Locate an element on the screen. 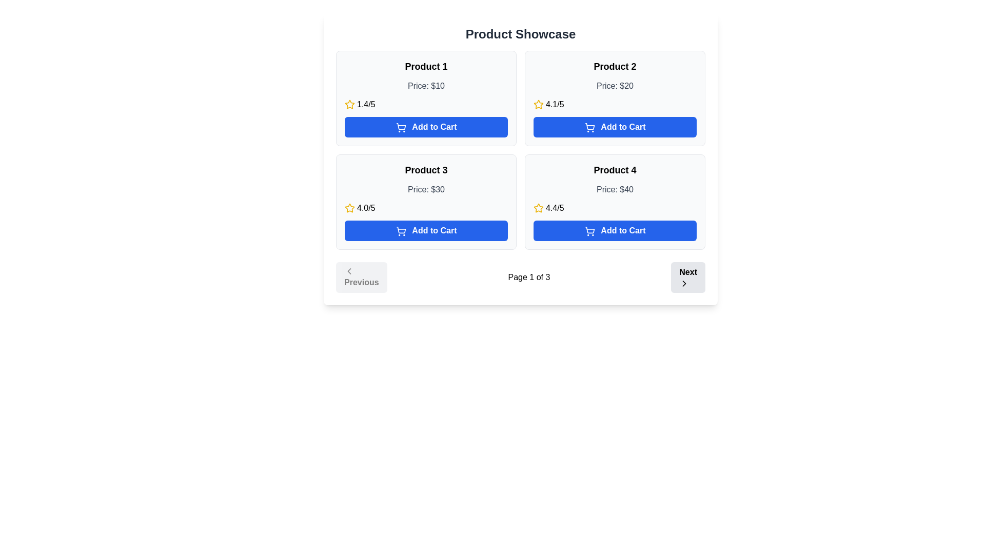 The image size is (985, 554). the star-shaped icon representing the filled rating of '4.4/5' for 'Product 4' in the product showcase is located at coordinates (538, 208).